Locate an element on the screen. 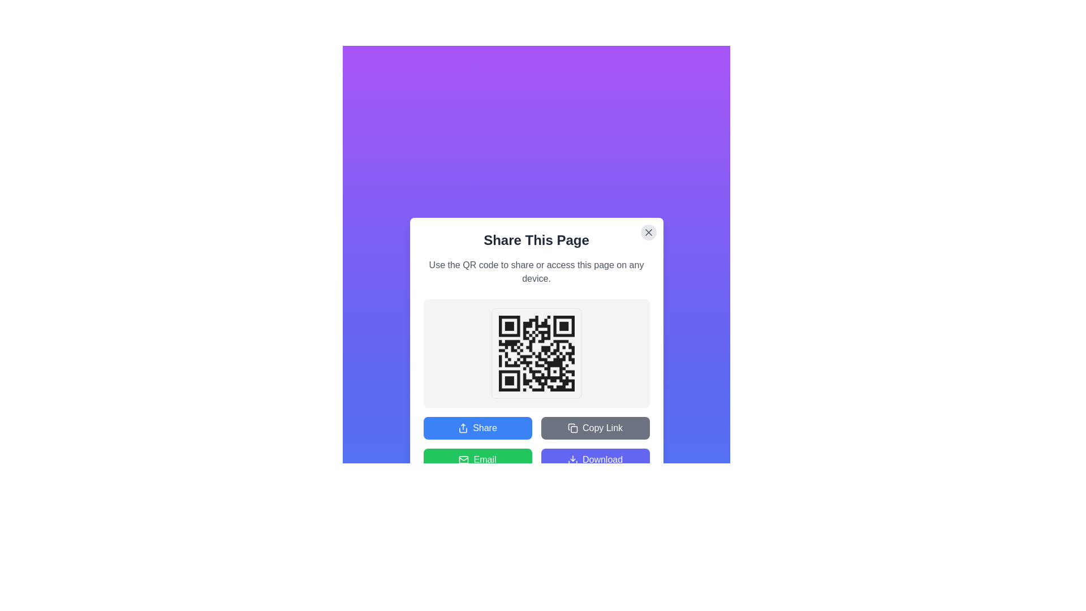 This screenshot has width=1086, height=611. informative guidance text element located beneath the 'Share This Page' heading in the modal box, which precedes the QR code section is located at coordinates (536, 272).